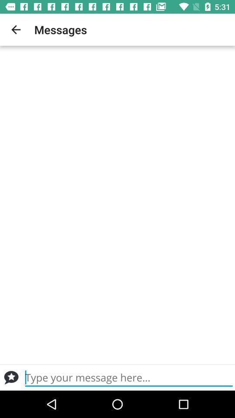 This screenshot has width=235, height=418. I want to click on the chat icon, so click(11, 377).